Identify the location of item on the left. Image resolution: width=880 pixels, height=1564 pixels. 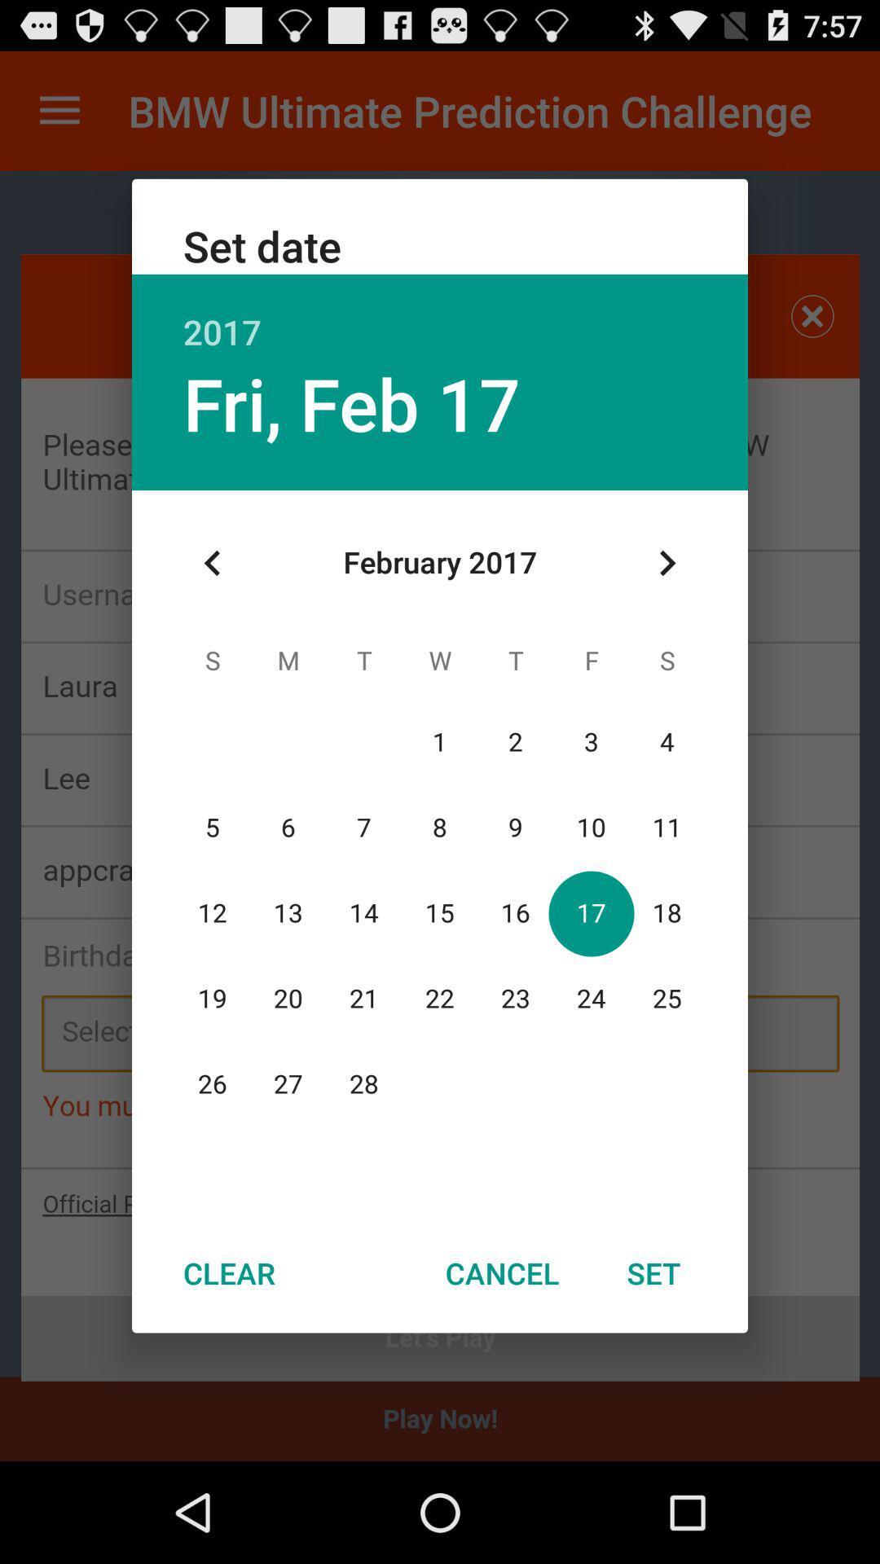
(212, 563).